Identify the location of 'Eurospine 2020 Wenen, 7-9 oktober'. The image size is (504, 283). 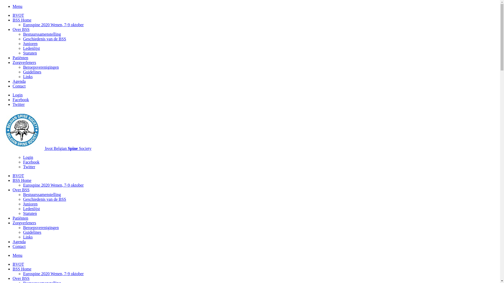
(53, 273).